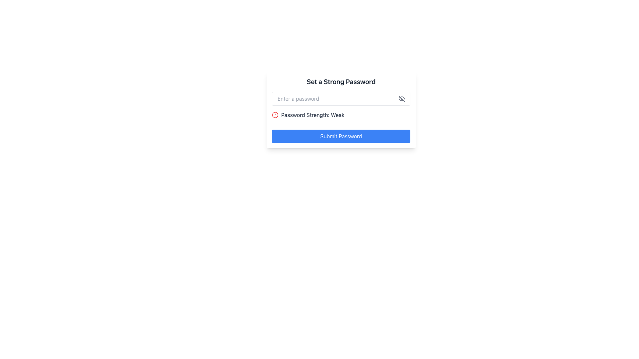 This screenshot has height=359, width=639. What do you see at coordinates (275, 115) in the screenshot?
I see `the icon indicating password strength, which is positioned to the left of the text 'Password Strength: Weak'` at bounding box center [275, 115].